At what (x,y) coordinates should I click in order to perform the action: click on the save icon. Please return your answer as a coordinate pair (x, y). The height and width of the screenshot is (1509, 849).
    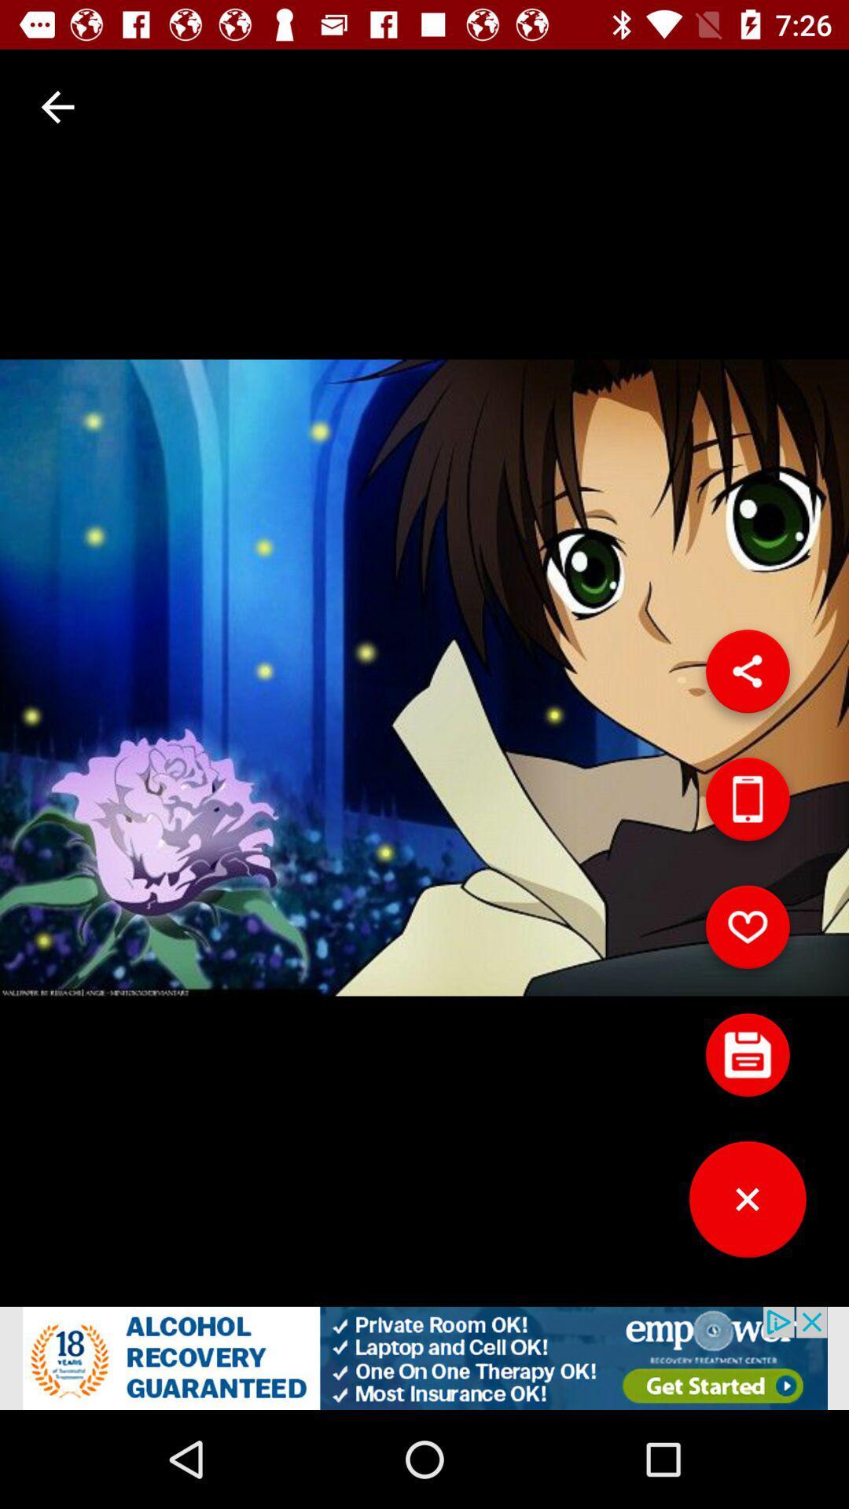
    Looking at the image, I should click on (747, 1061).